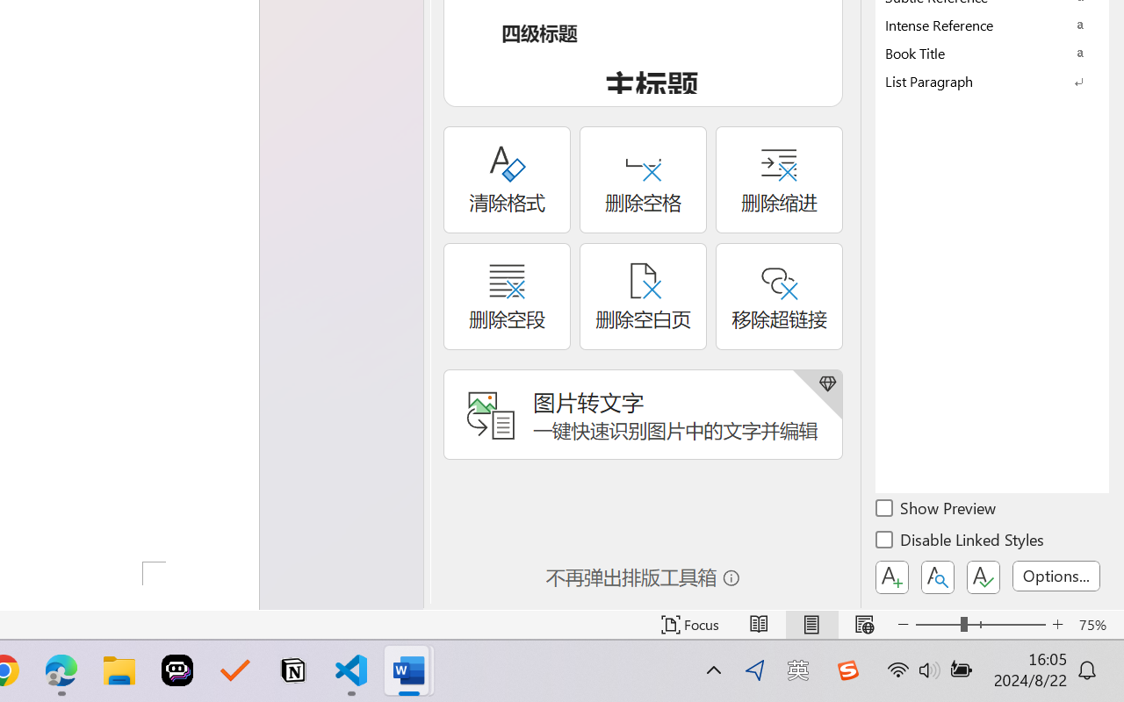 Image resolution: width=1124 pixels, height=702 pixels. Describe the element at coordinates (937, 624) in the screenshot. I see `'Zoom Out'` at that location.